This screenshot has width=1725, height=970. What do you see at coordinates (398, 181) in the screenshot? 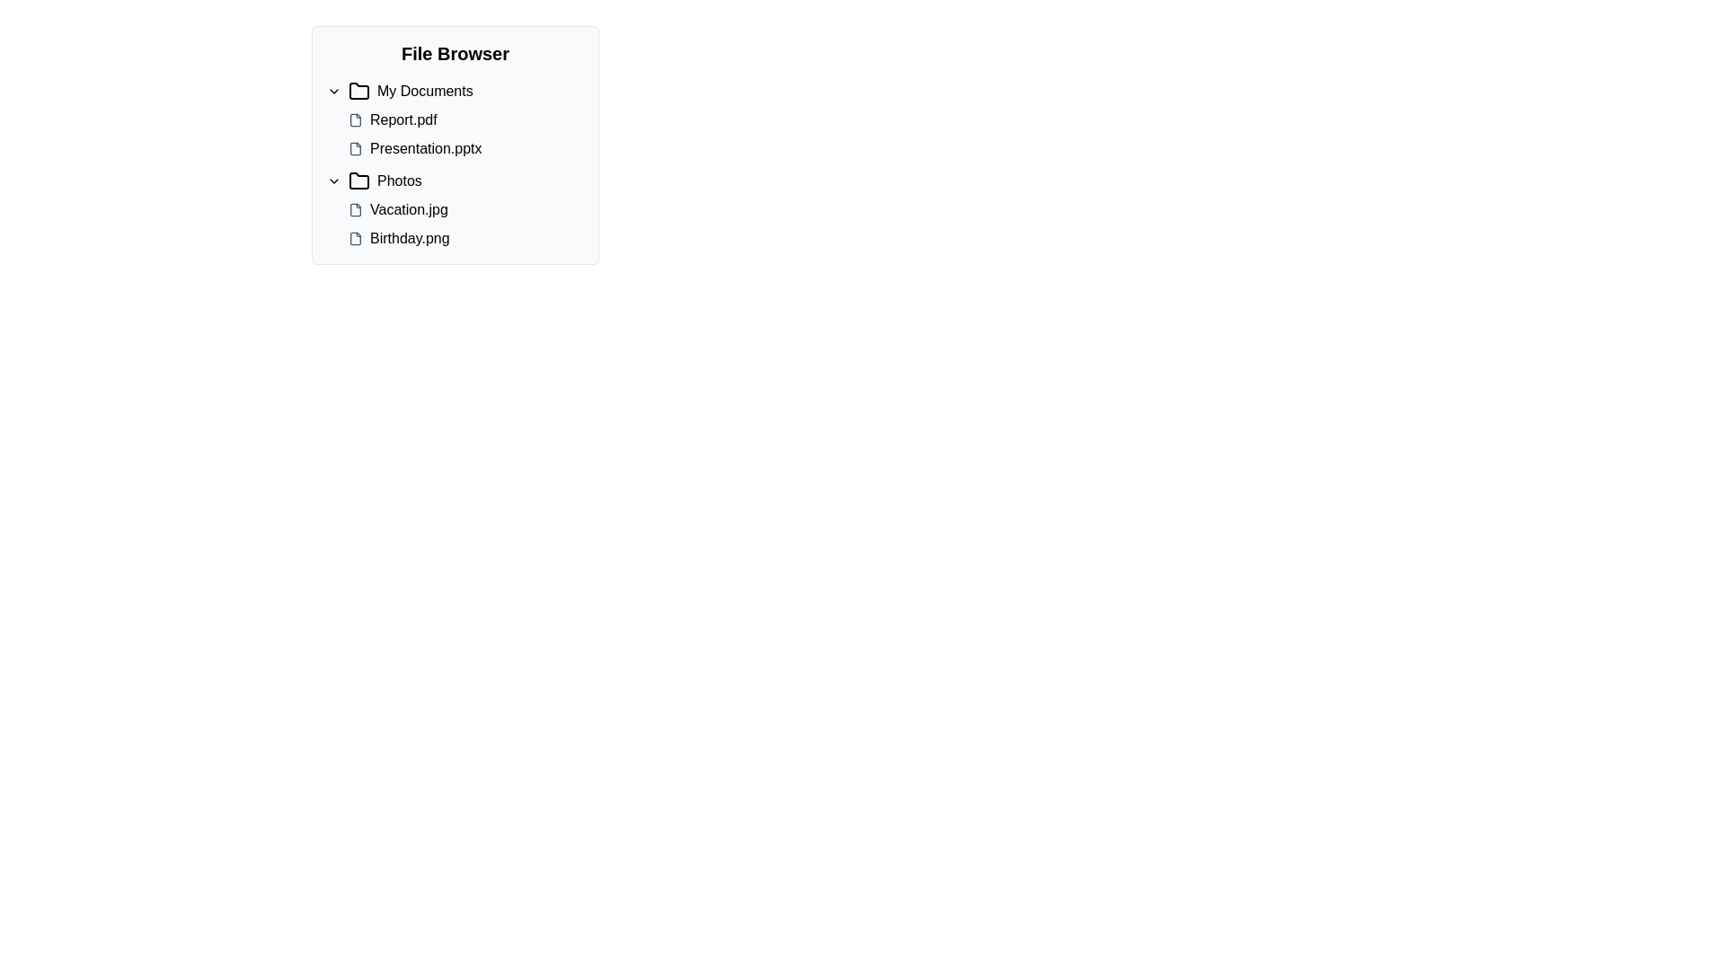
I see `the 'Photos' folder label in the file browser interface, which is located to the right of the folder icon in the second collapsible section` at bounding box center [398, 181].